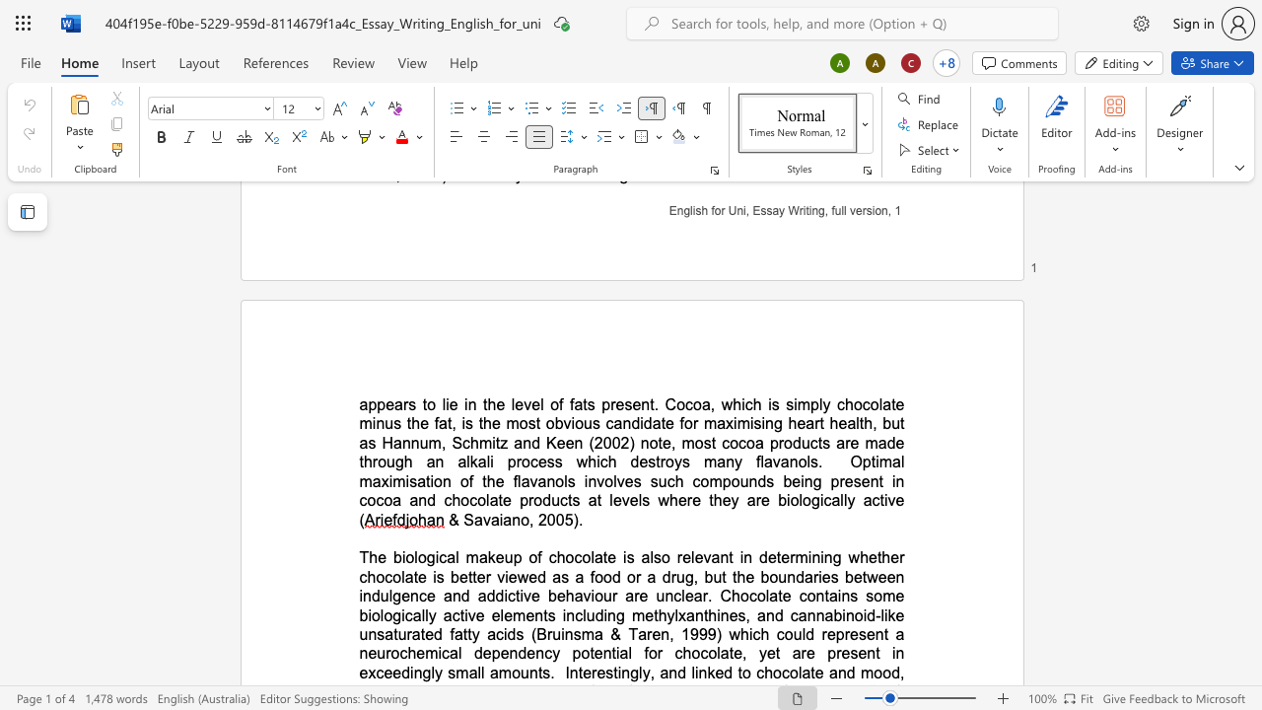 The height and width of the screenshot is (710, 1262). Describe the element at coordinates (473, 519) in the screenshot. I see `the space between the continuous character "S" and "a" in the text` at that location.